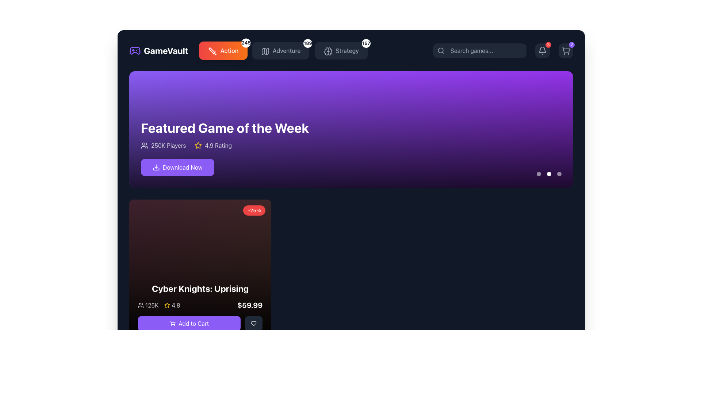 The height and width of the screenshot is (394, 701). What do you see at coordinates (177, 167) in the screenshot?
I see `the download button located beneath the 'Featured Game of the Week' text to observe the hover effect` at bounding box center [177, 167].